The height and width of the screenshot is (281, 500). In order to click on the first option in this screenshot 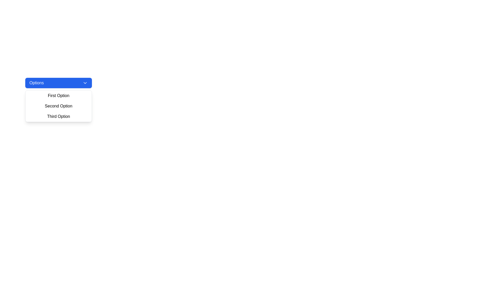, I will do `click(59, 95)`.